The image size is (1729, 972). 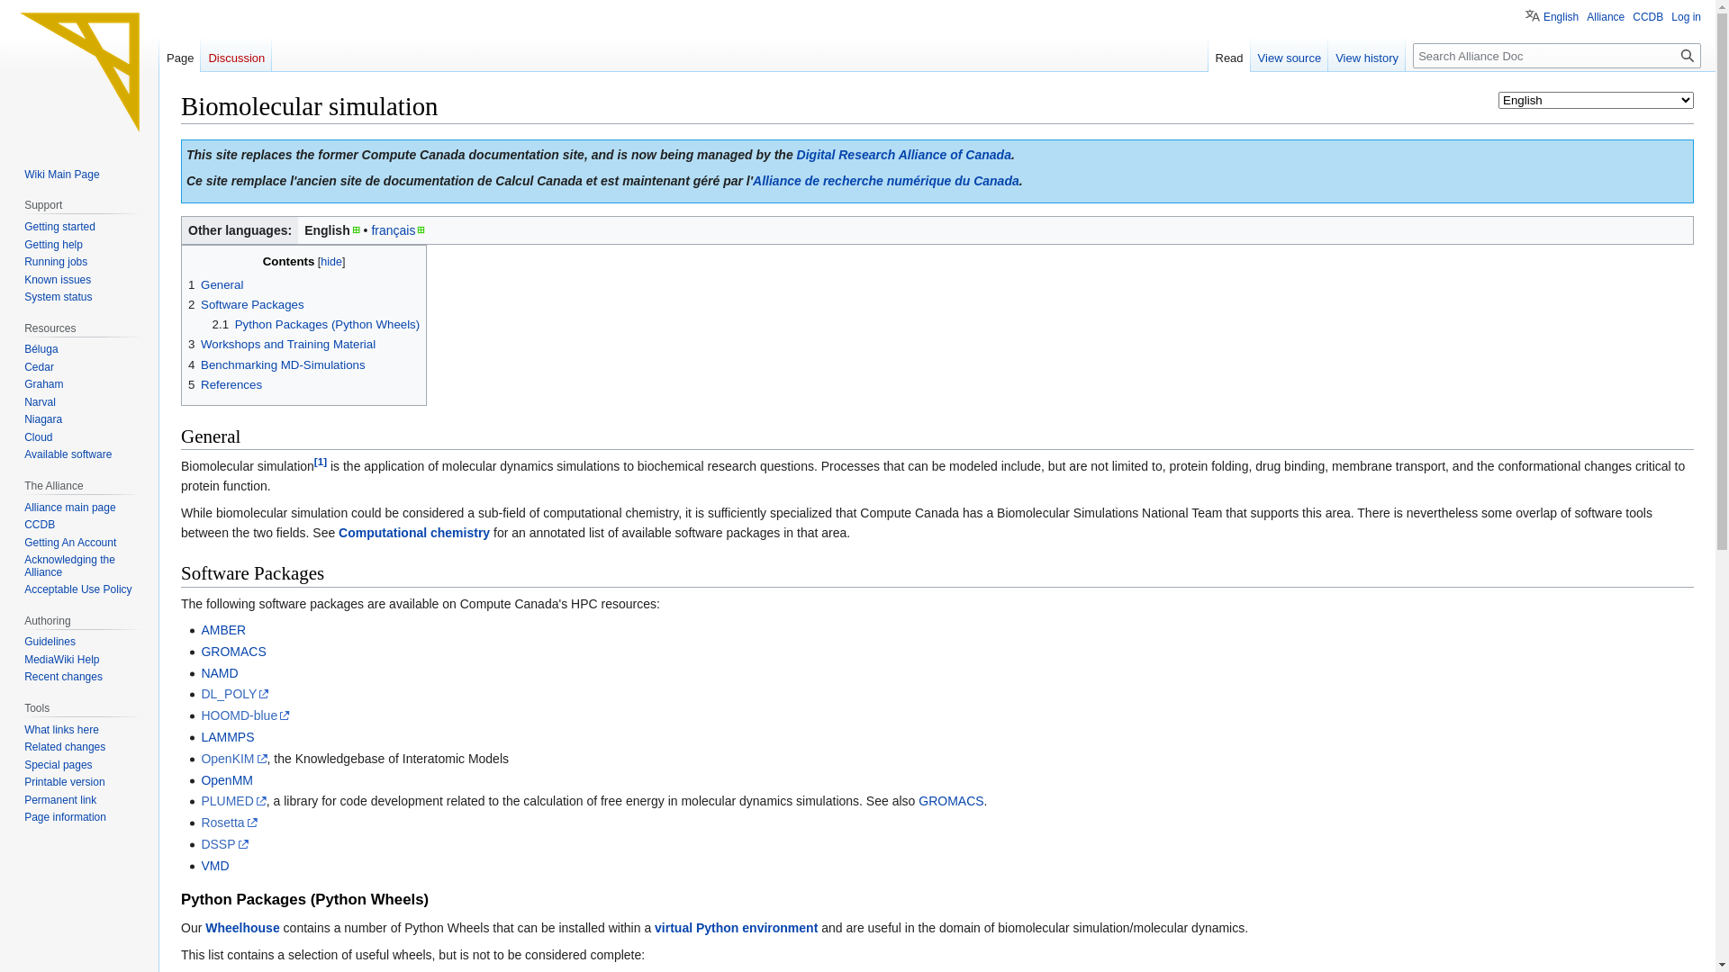 What do you see at coordinates (226, 736) in the screenshot?
I see `'LAMMPS'` at bounding box center [226, 736].